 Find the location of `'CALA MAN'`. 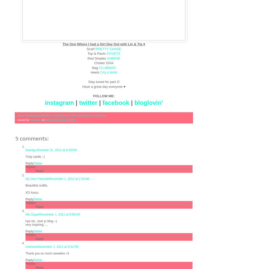

'CALA MAN' is located at coordinates (108, 72).